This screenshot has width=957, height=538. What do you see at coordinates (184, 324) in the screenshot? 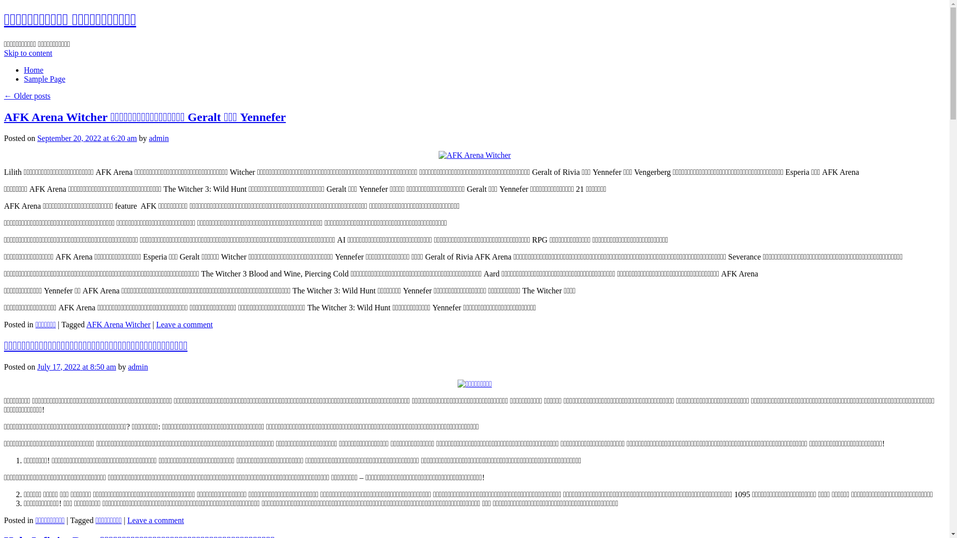
I see `'Leave a comment'` at bounding box center [184, 324].